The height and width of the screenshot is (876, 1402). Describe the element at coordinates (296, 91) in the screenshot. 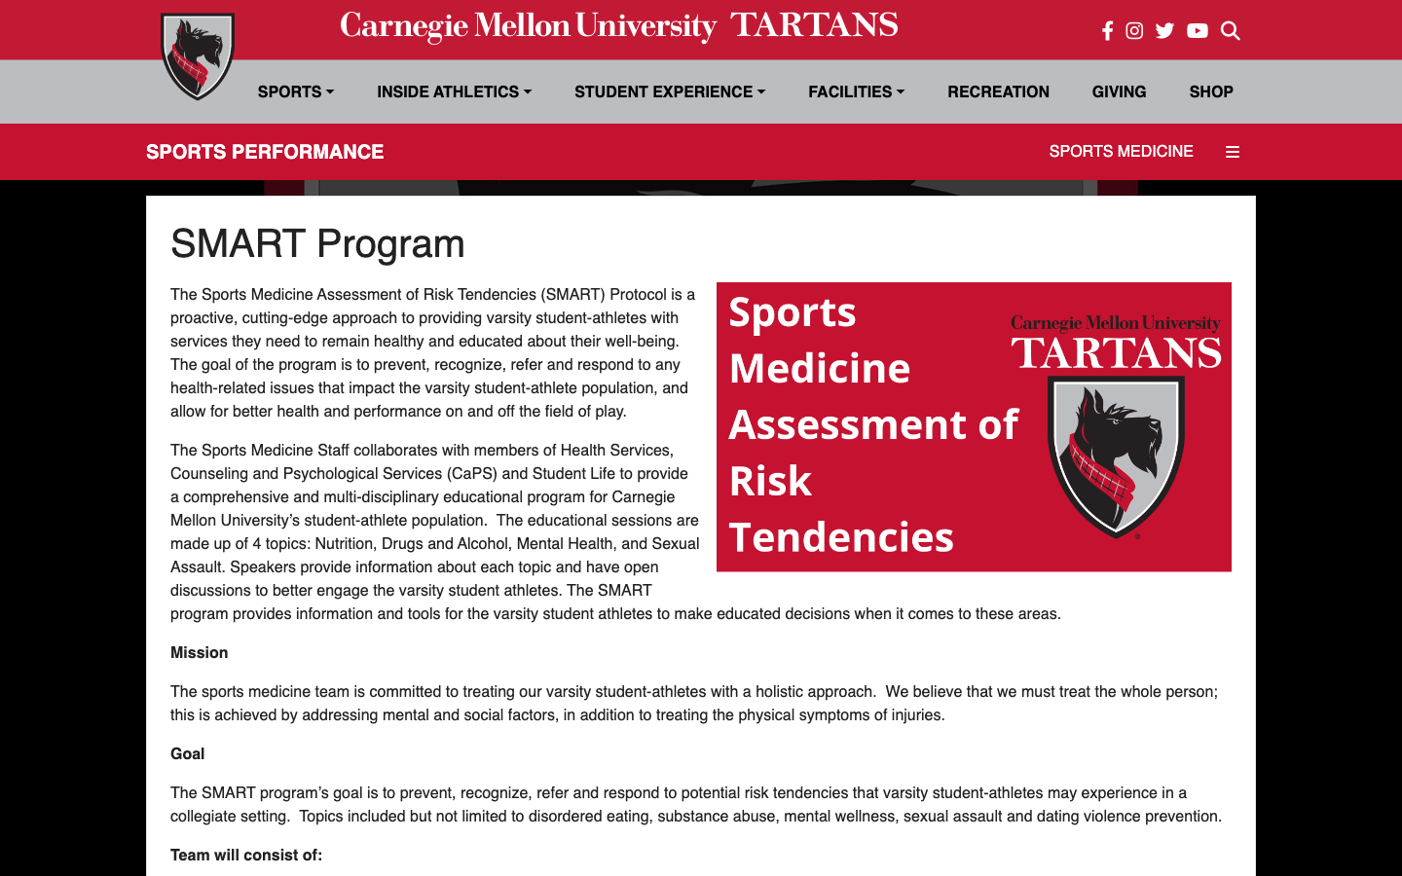

I see `Sports Selection Menu` at that location.